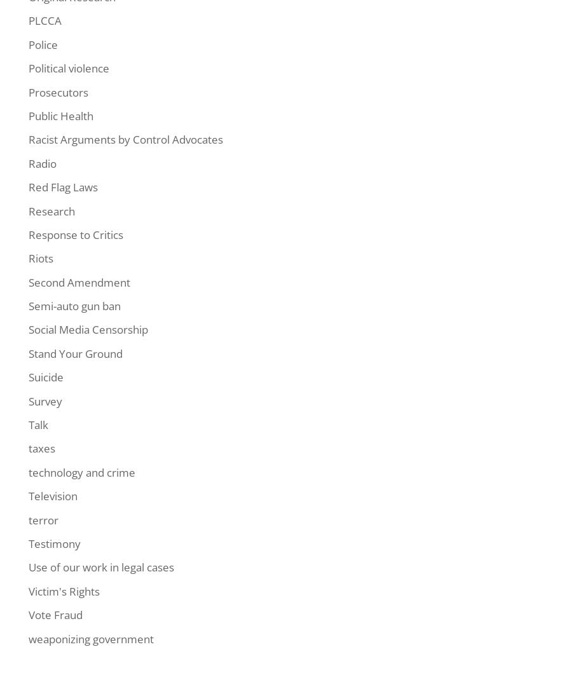 This screenshot has height=682, width=572. I want to click on 'Police', so click(28, 44).